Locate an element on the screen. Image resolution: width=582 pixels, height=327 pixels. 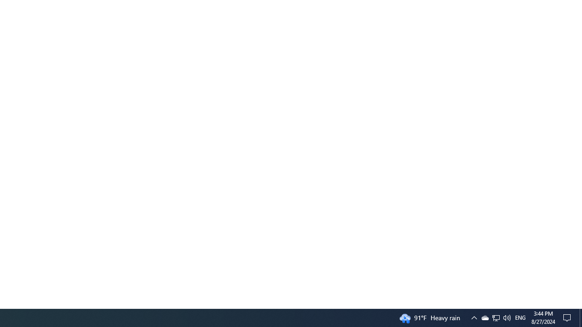
'User Promoted Notification Area' is located at coordinates (484, 317).